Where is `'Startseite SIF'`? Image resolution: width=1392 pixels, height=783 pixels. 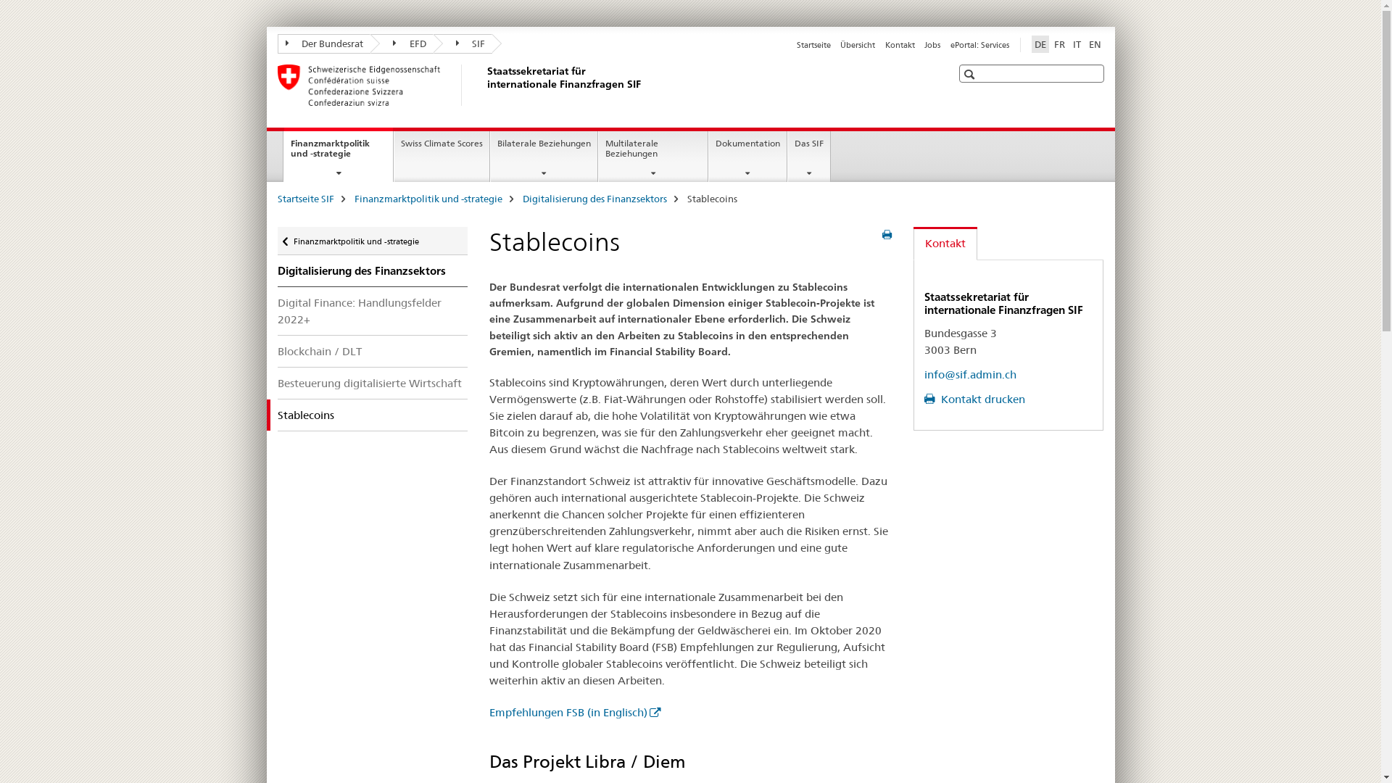
'Startseite SIF' is located at coordinates (304, 198).